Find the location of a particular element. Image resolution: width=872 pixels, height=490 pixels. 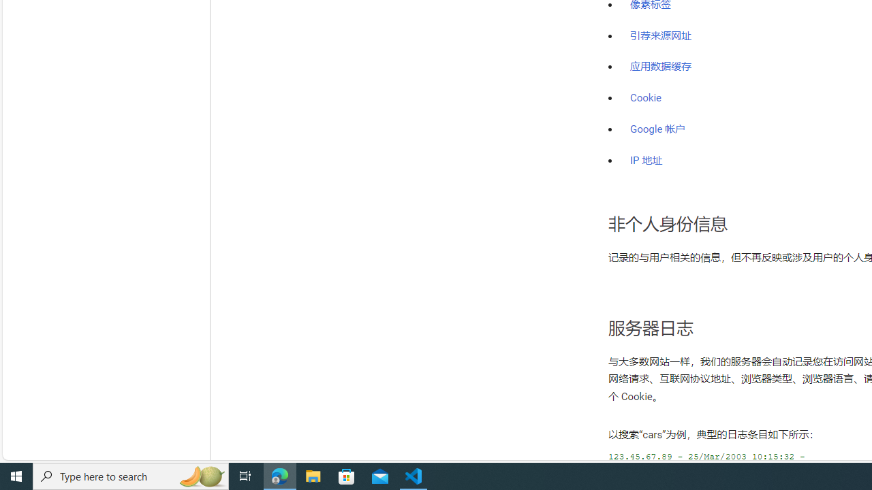

'Cookie' is located at coordinates (645, 97).